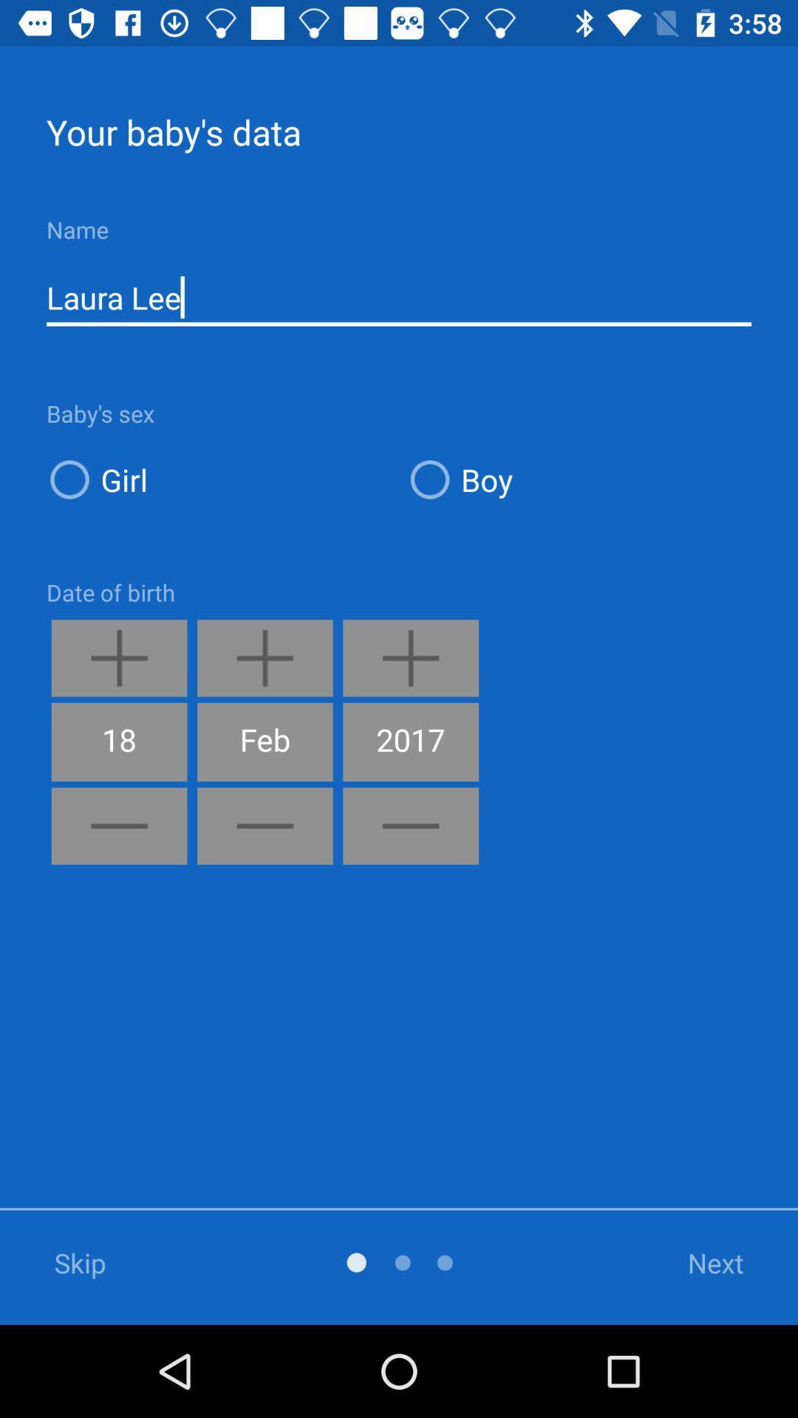 Image resolution: width=798 pixels, height=1418 pixels. Describe the element at coordinates (118, 741) in the screenshot. I see `the 18 icon` at that location.